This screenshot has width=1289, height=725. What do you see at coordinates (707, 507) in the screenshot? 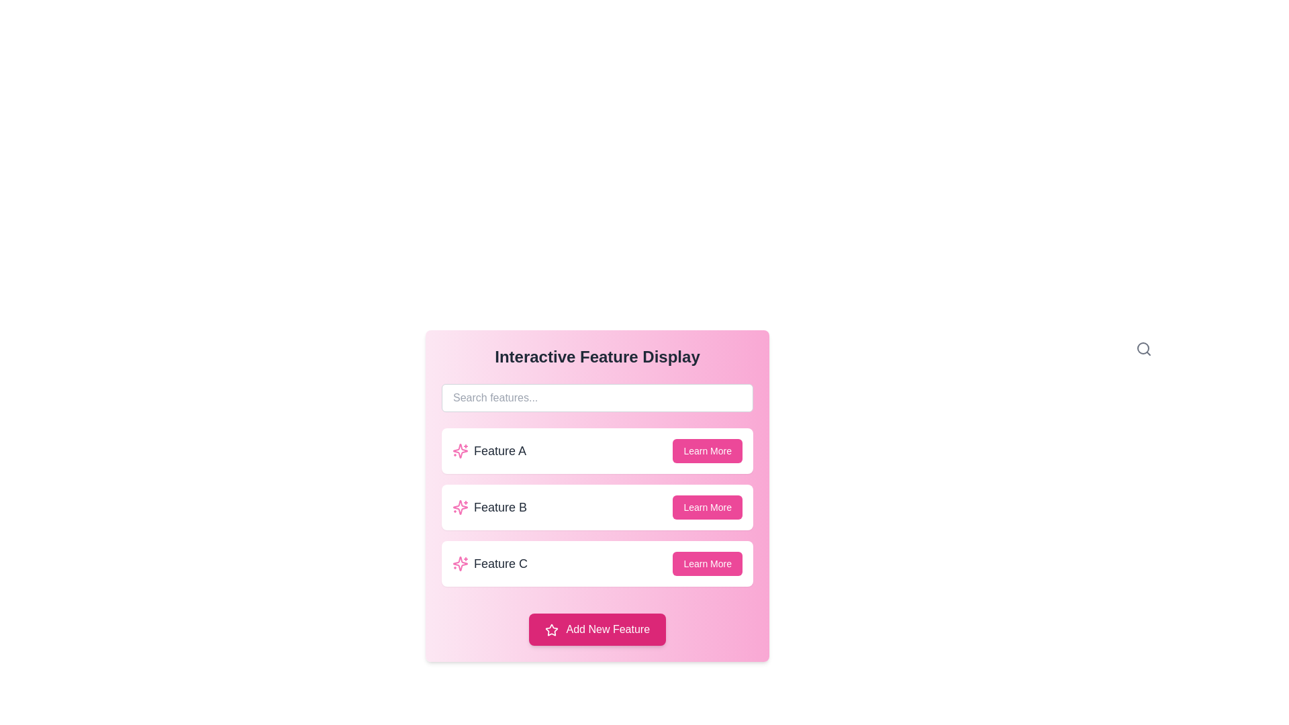
I see `the button located at the top-right corner of the middle card, adjacent to the text 'Feature B'` at bounding box center [707, 507].